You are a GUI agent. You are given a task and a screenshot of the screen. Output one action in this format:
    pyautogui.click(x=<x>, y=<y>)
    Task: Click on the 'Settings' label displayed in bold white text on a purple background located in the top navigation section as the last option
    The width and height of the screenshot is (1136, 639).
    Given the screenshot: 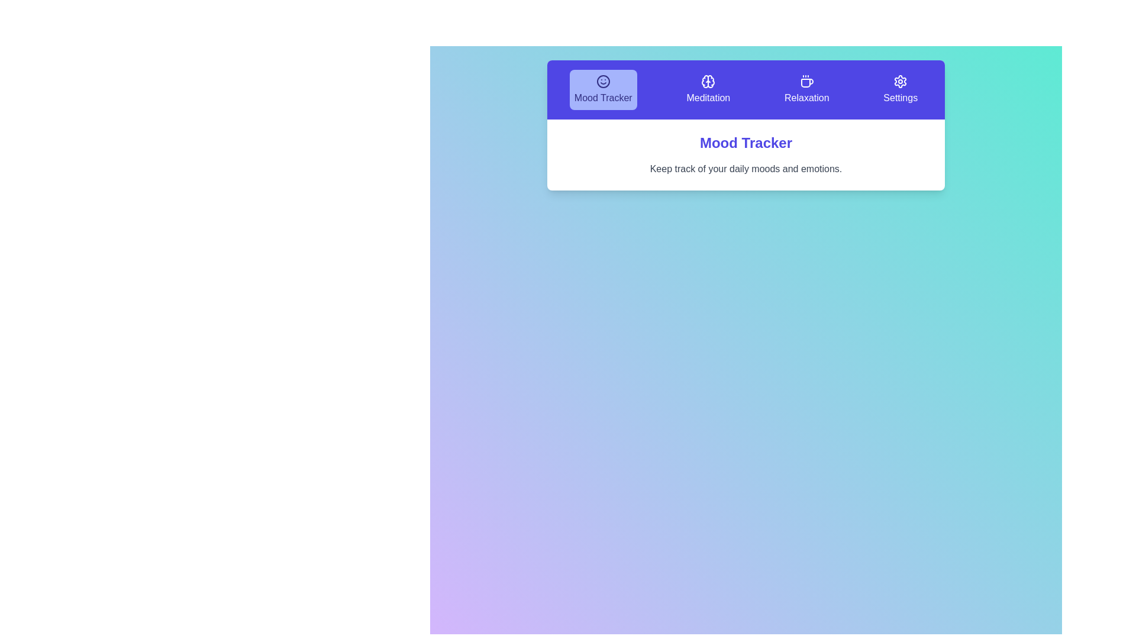 What is the action you would take?
    pyautogui.click(x=900, y=97)
    